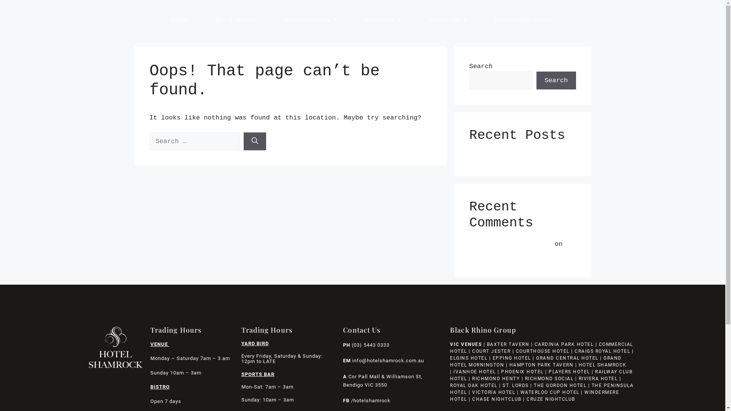  I want to click on 'ROYAL OAK HOTEL', so click(450, 386).